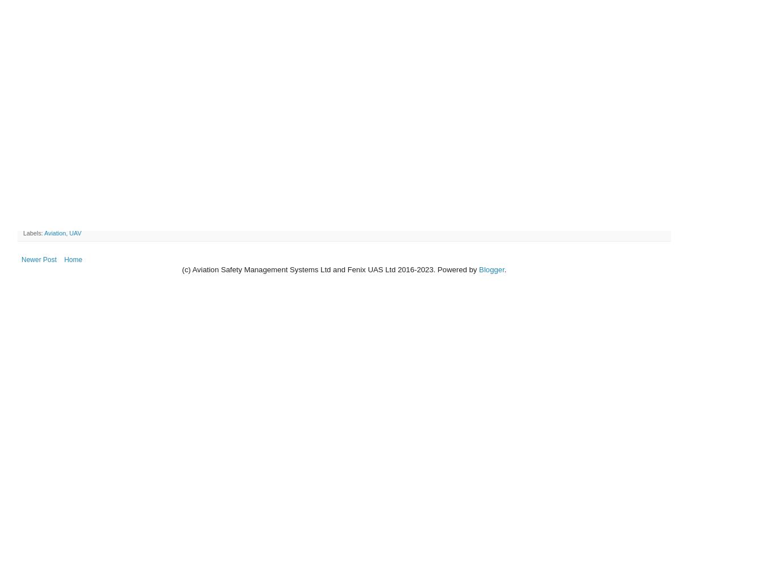 The width and height of the screenshot is (778, 566). Describe the element at coordinates (289, 162) in the screenshot. I see `'Aviation Safety Management Systems Ltd (ASMS) congratulates the the University of Canterbury's Department of Geography on the grant of an authorisation by the Civil Aviation Authority to operate an Unmanned Aerial Vehicle (UAV).  The authorisation relates to a Draganfly X4-P, shown in the photo accompanying this release.'` at that location.